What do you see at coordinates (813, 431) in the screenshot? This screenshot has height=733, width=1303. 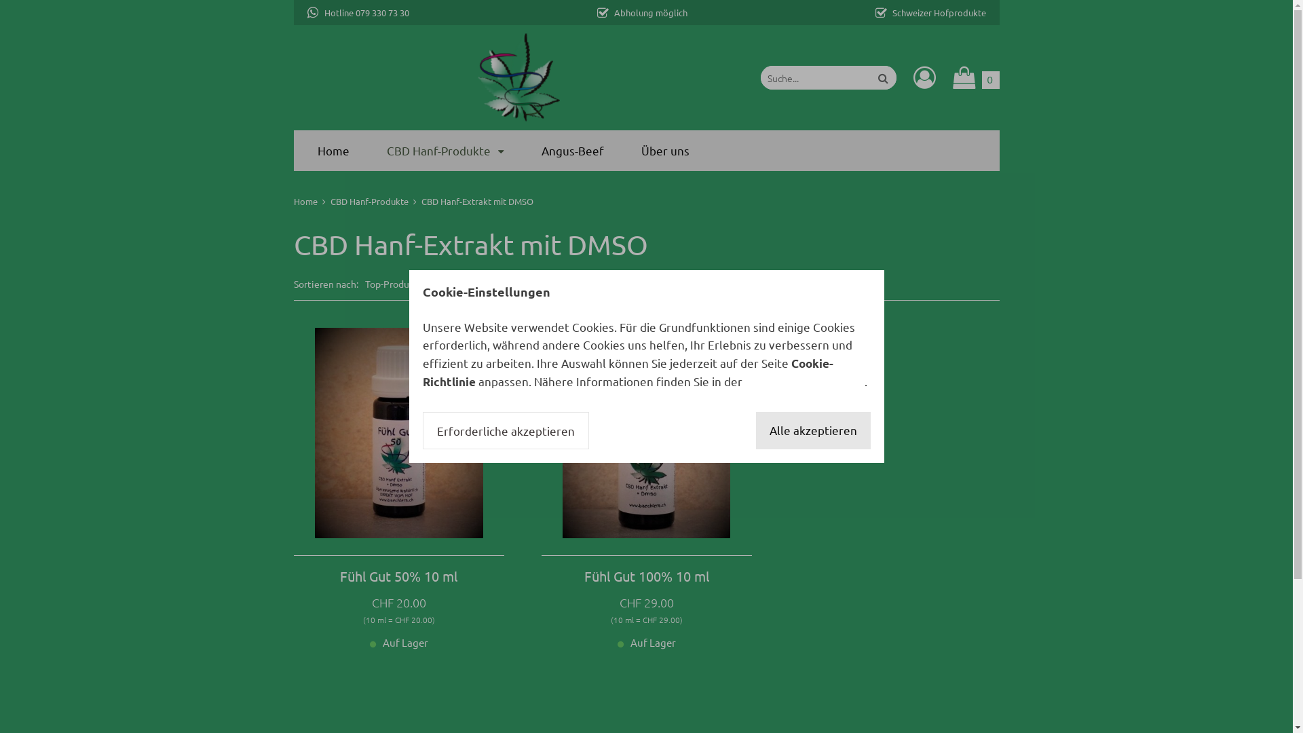 I see `'Alle akzeptieren'` at bounding box center [813, 431].